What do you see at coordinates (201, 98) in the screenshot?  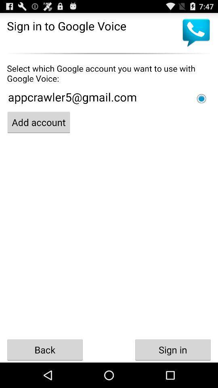 I see `e-mail` at bounding box center [201, 98].